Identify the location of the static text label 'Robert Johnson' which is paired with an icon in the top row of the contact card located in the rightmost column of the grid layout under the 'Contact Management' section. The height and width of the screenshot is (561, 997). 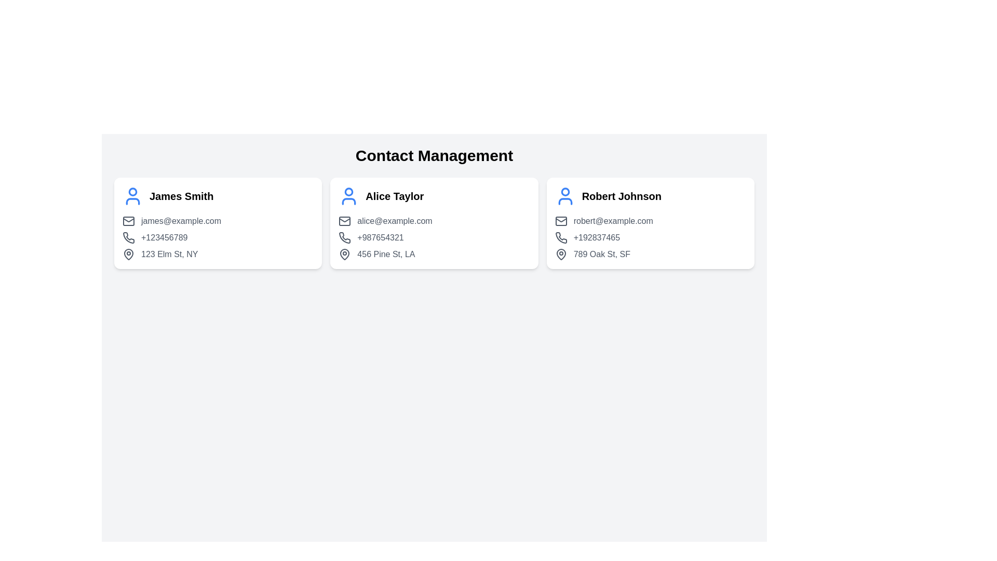
(650, 196).